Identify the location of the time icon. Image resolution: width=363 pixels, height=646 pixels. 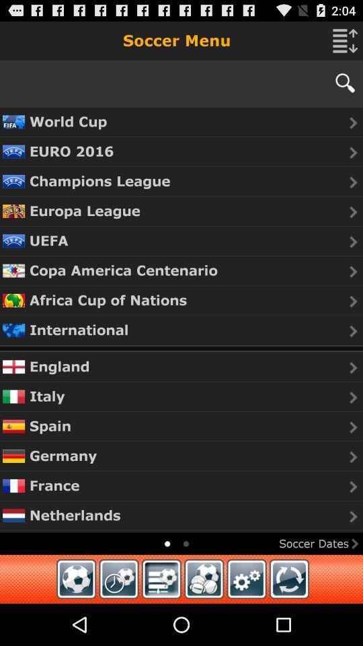
(119, 620).